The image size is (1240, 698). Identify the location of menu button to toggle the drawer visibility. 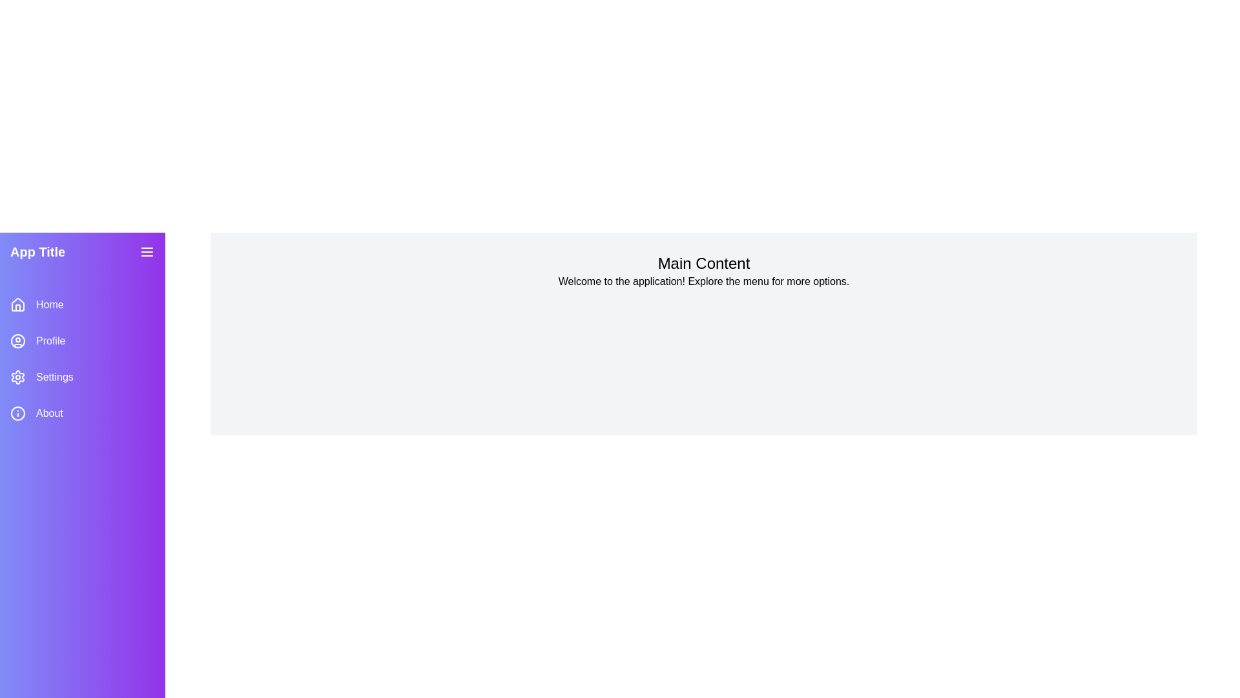
(147, 251).